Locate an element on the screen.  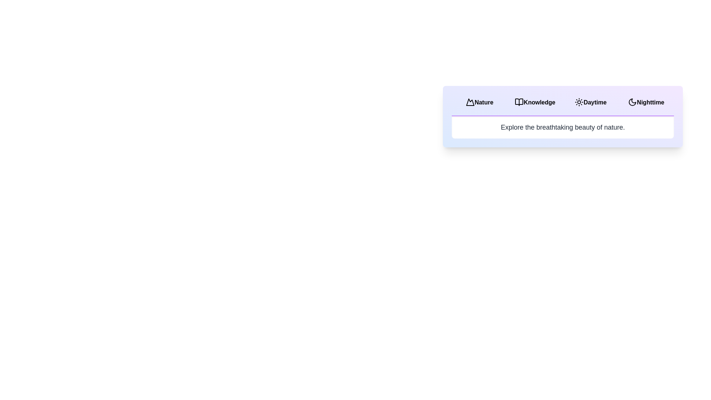
the tab labeled Knowledge to observe its visual feedback is located at coordinates (535, 103).